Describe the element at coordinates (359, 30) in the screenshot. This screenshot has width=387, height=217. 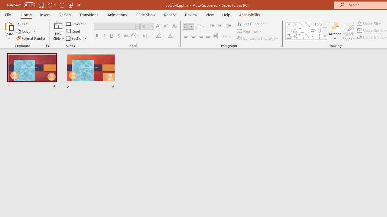
I see `'Shape Outline Green, Accent 1'` at that location.